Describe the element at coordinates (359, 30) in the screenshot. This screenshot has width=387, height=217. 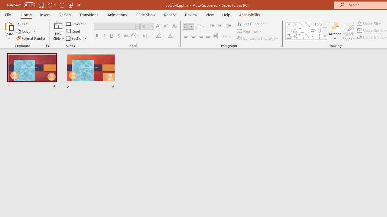
I see `'Shape Outline Green, Accent 1'` at that location.